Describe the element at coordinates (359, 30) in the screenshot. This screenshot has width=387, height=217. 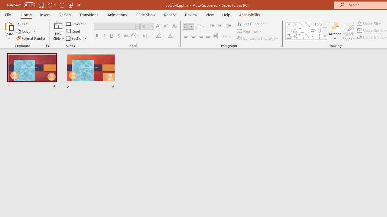
I see `'Shape Outline Green, Accent 1'` at that location.